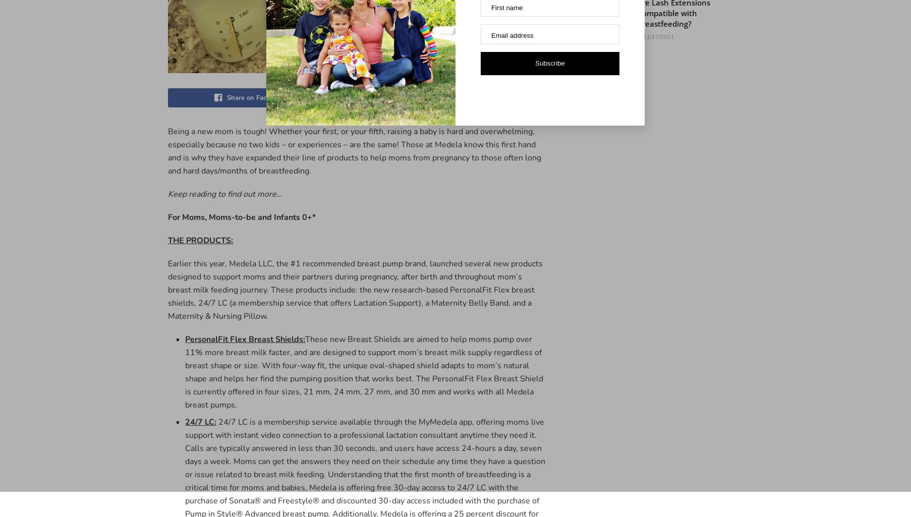 The image size is (911, 517). What do you see at coordinates (641, 36) in the screenshot?
I see `'11/17/2021'` at bounding box center [641, 36].